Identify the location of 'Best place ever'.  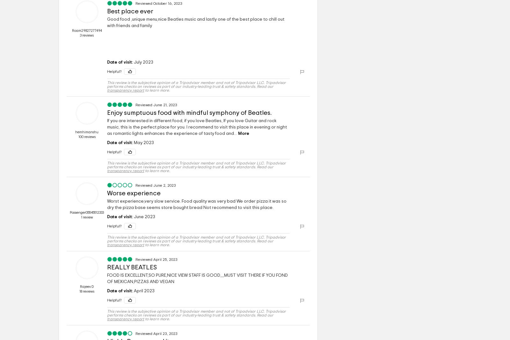
(107, 11).